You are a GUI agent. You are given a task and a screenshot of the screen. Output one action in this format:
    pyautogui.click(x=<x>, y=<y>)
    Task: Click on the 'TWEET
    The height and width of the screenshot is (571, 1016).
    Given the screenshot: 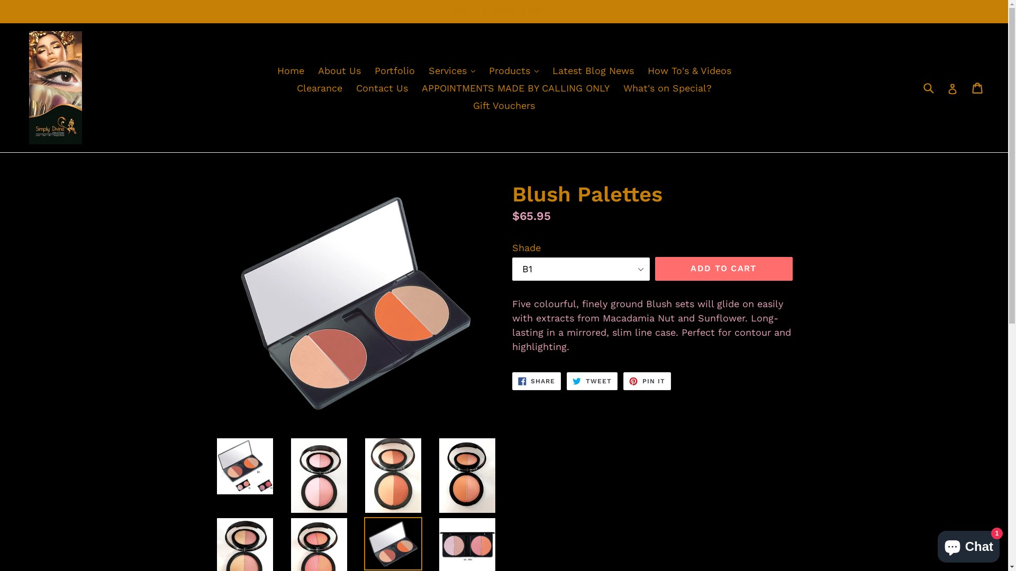 What is the action you would take?
    pyautogui.click(x=591, y=381)
    